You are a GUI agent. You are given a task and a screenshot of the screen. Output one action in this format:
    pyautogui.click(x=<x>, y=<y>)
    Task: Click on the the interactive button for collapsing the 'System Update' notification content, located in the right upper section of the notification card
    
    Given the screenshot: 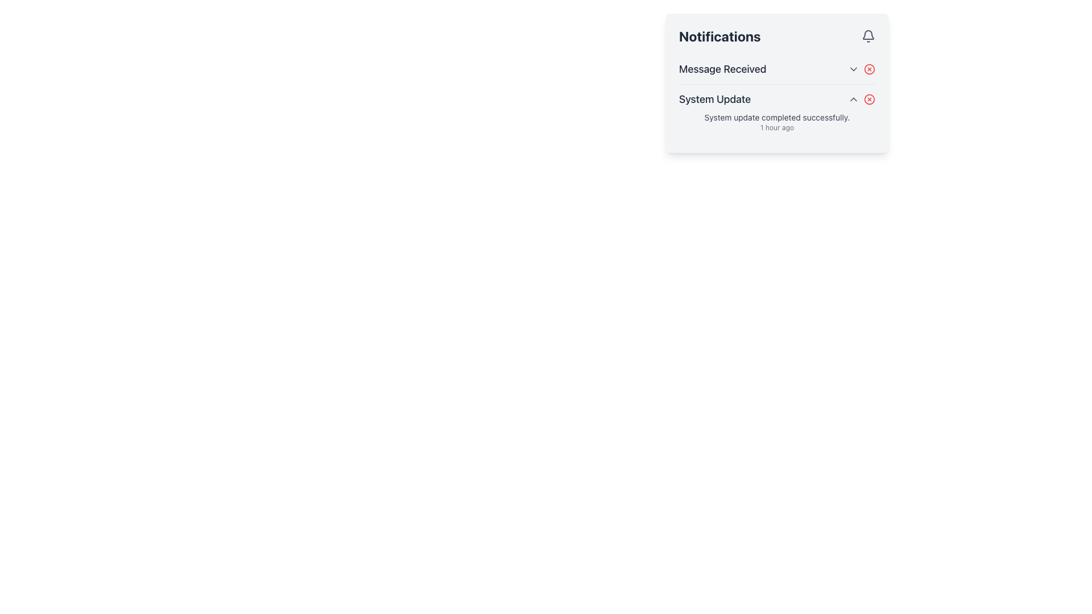 What is the action you would take?
    pyautogui.click(x=854, y=98)
    